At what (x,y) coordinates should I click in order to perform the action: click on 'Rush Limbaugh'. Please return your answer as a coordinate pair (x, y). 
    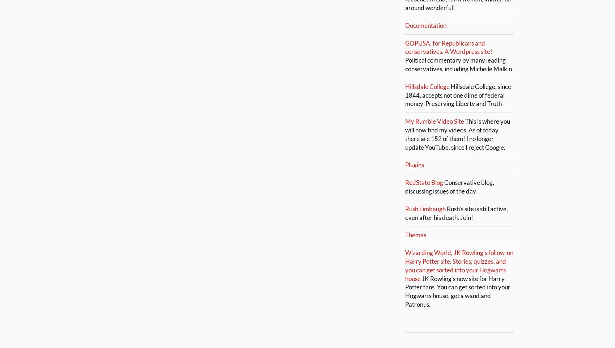
    Looking at the image, I should click on (425, 208).